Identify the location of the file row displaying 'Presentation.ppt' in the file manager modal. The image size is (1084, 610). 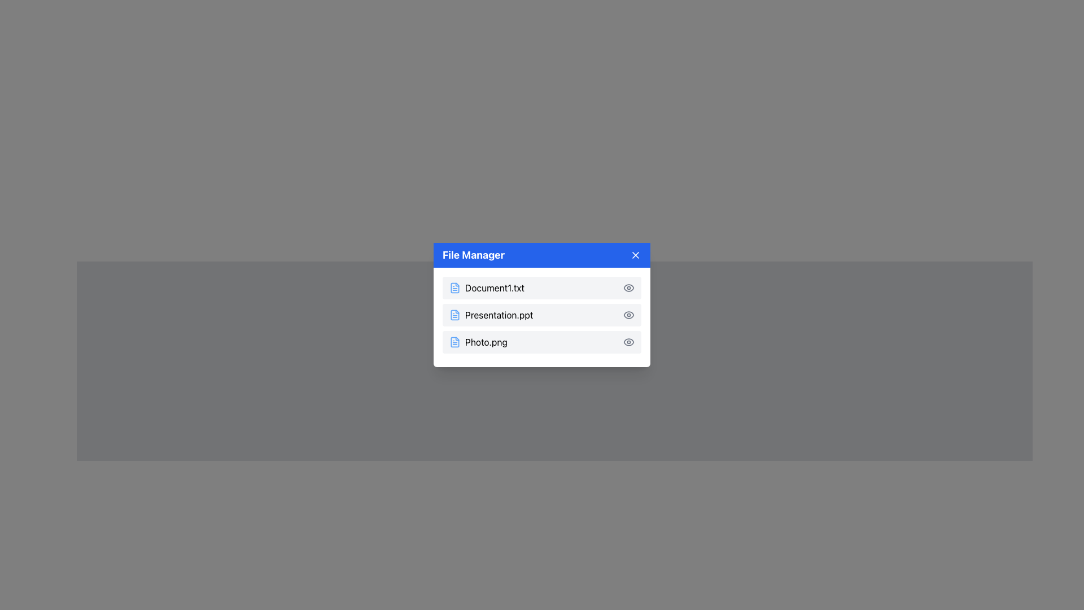
(542, 315).